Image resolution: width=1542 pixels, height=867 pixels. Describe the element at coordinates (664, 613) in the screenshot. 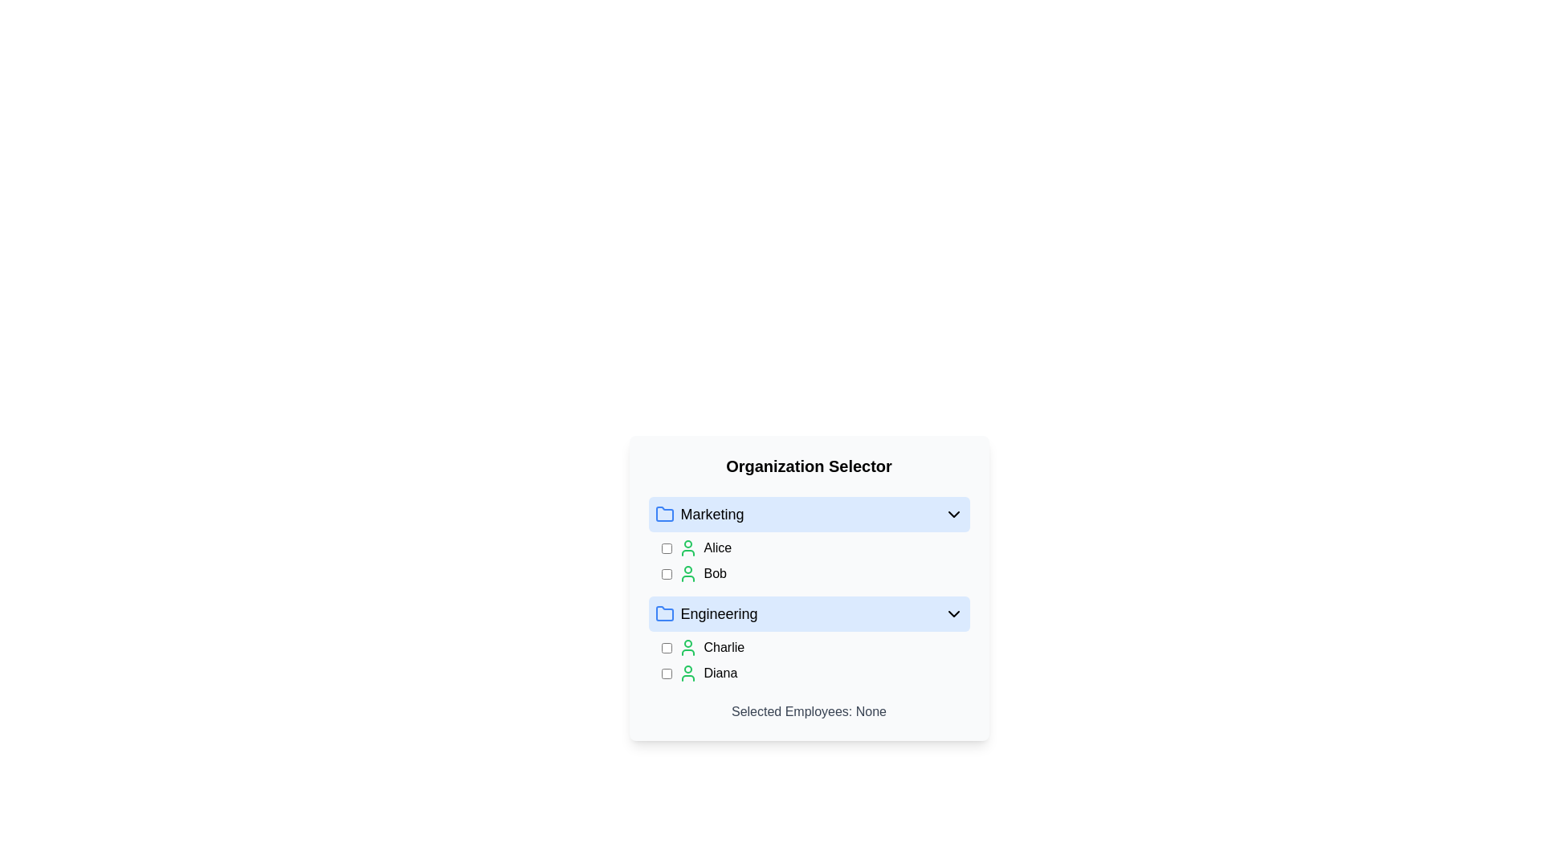

I see `the second folder icon with a blue outline in the 'Organization Selector' list, located to the left of the 'Engineering' label` at that location.